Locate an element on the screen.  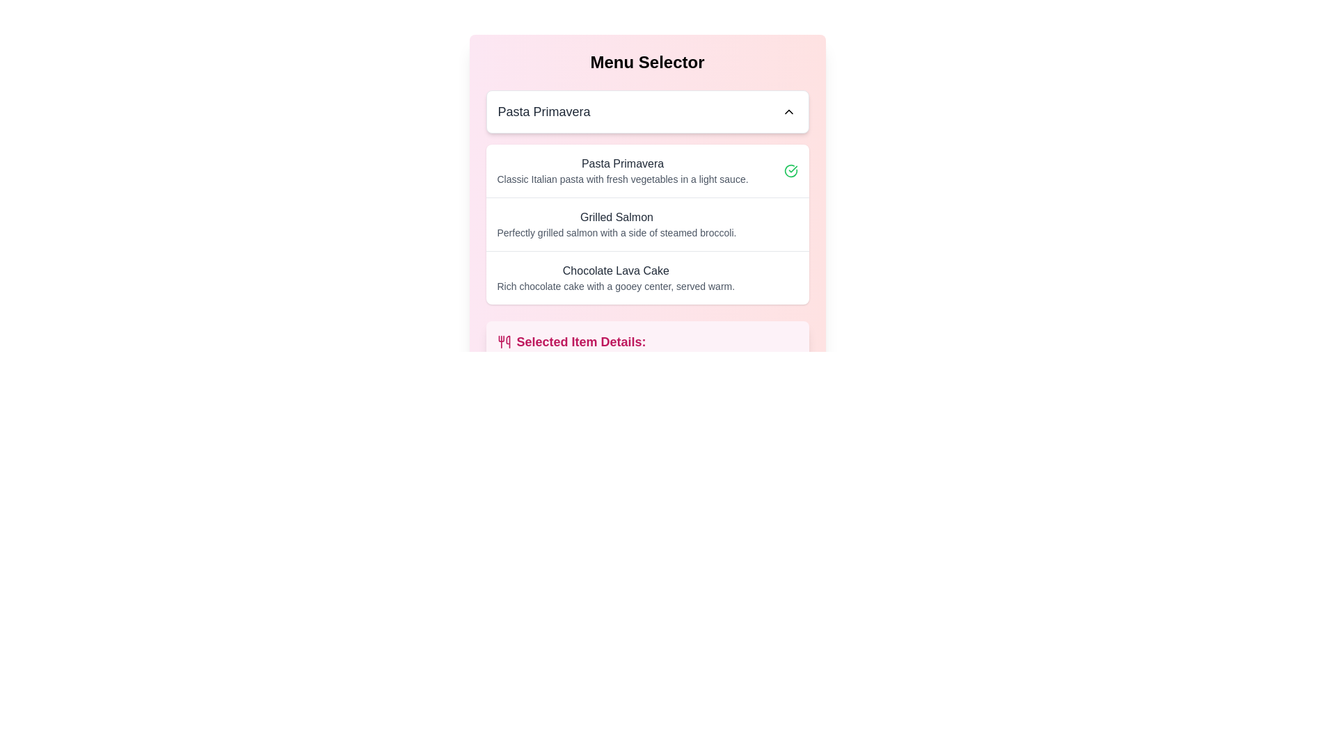
the downward arrow SVG icon located next to the 'Pasta Primavera' label is located at coordinates (788, 111).